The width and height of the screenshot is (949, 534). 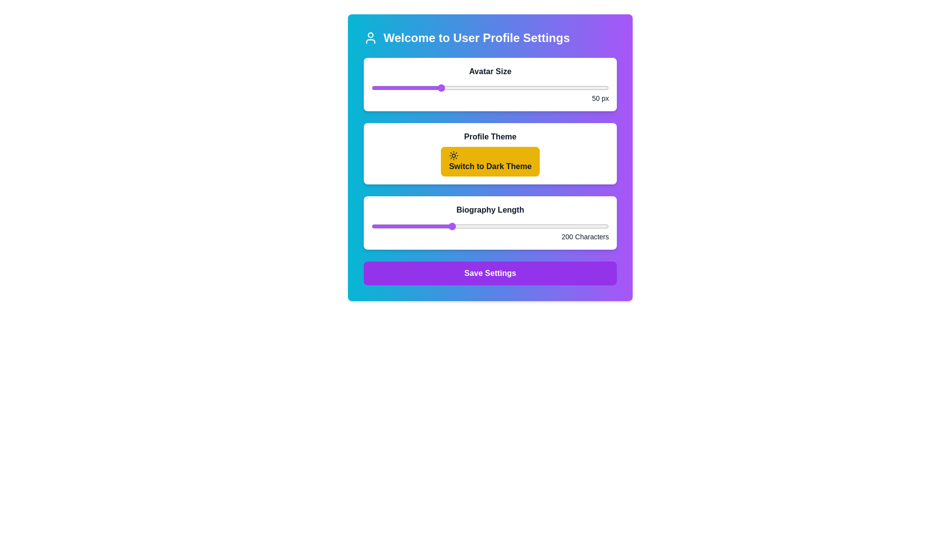 I want to click on the slider, so click(x=432, y=87).